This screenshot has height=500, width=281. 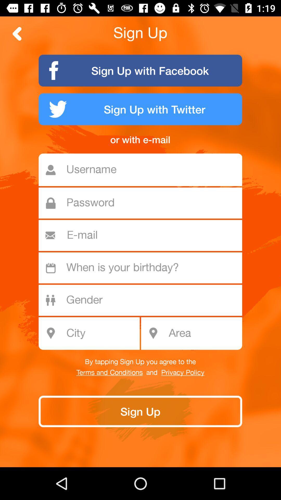 I want to click on the icon above by tapping sign icon, so click(x=92, y=333).